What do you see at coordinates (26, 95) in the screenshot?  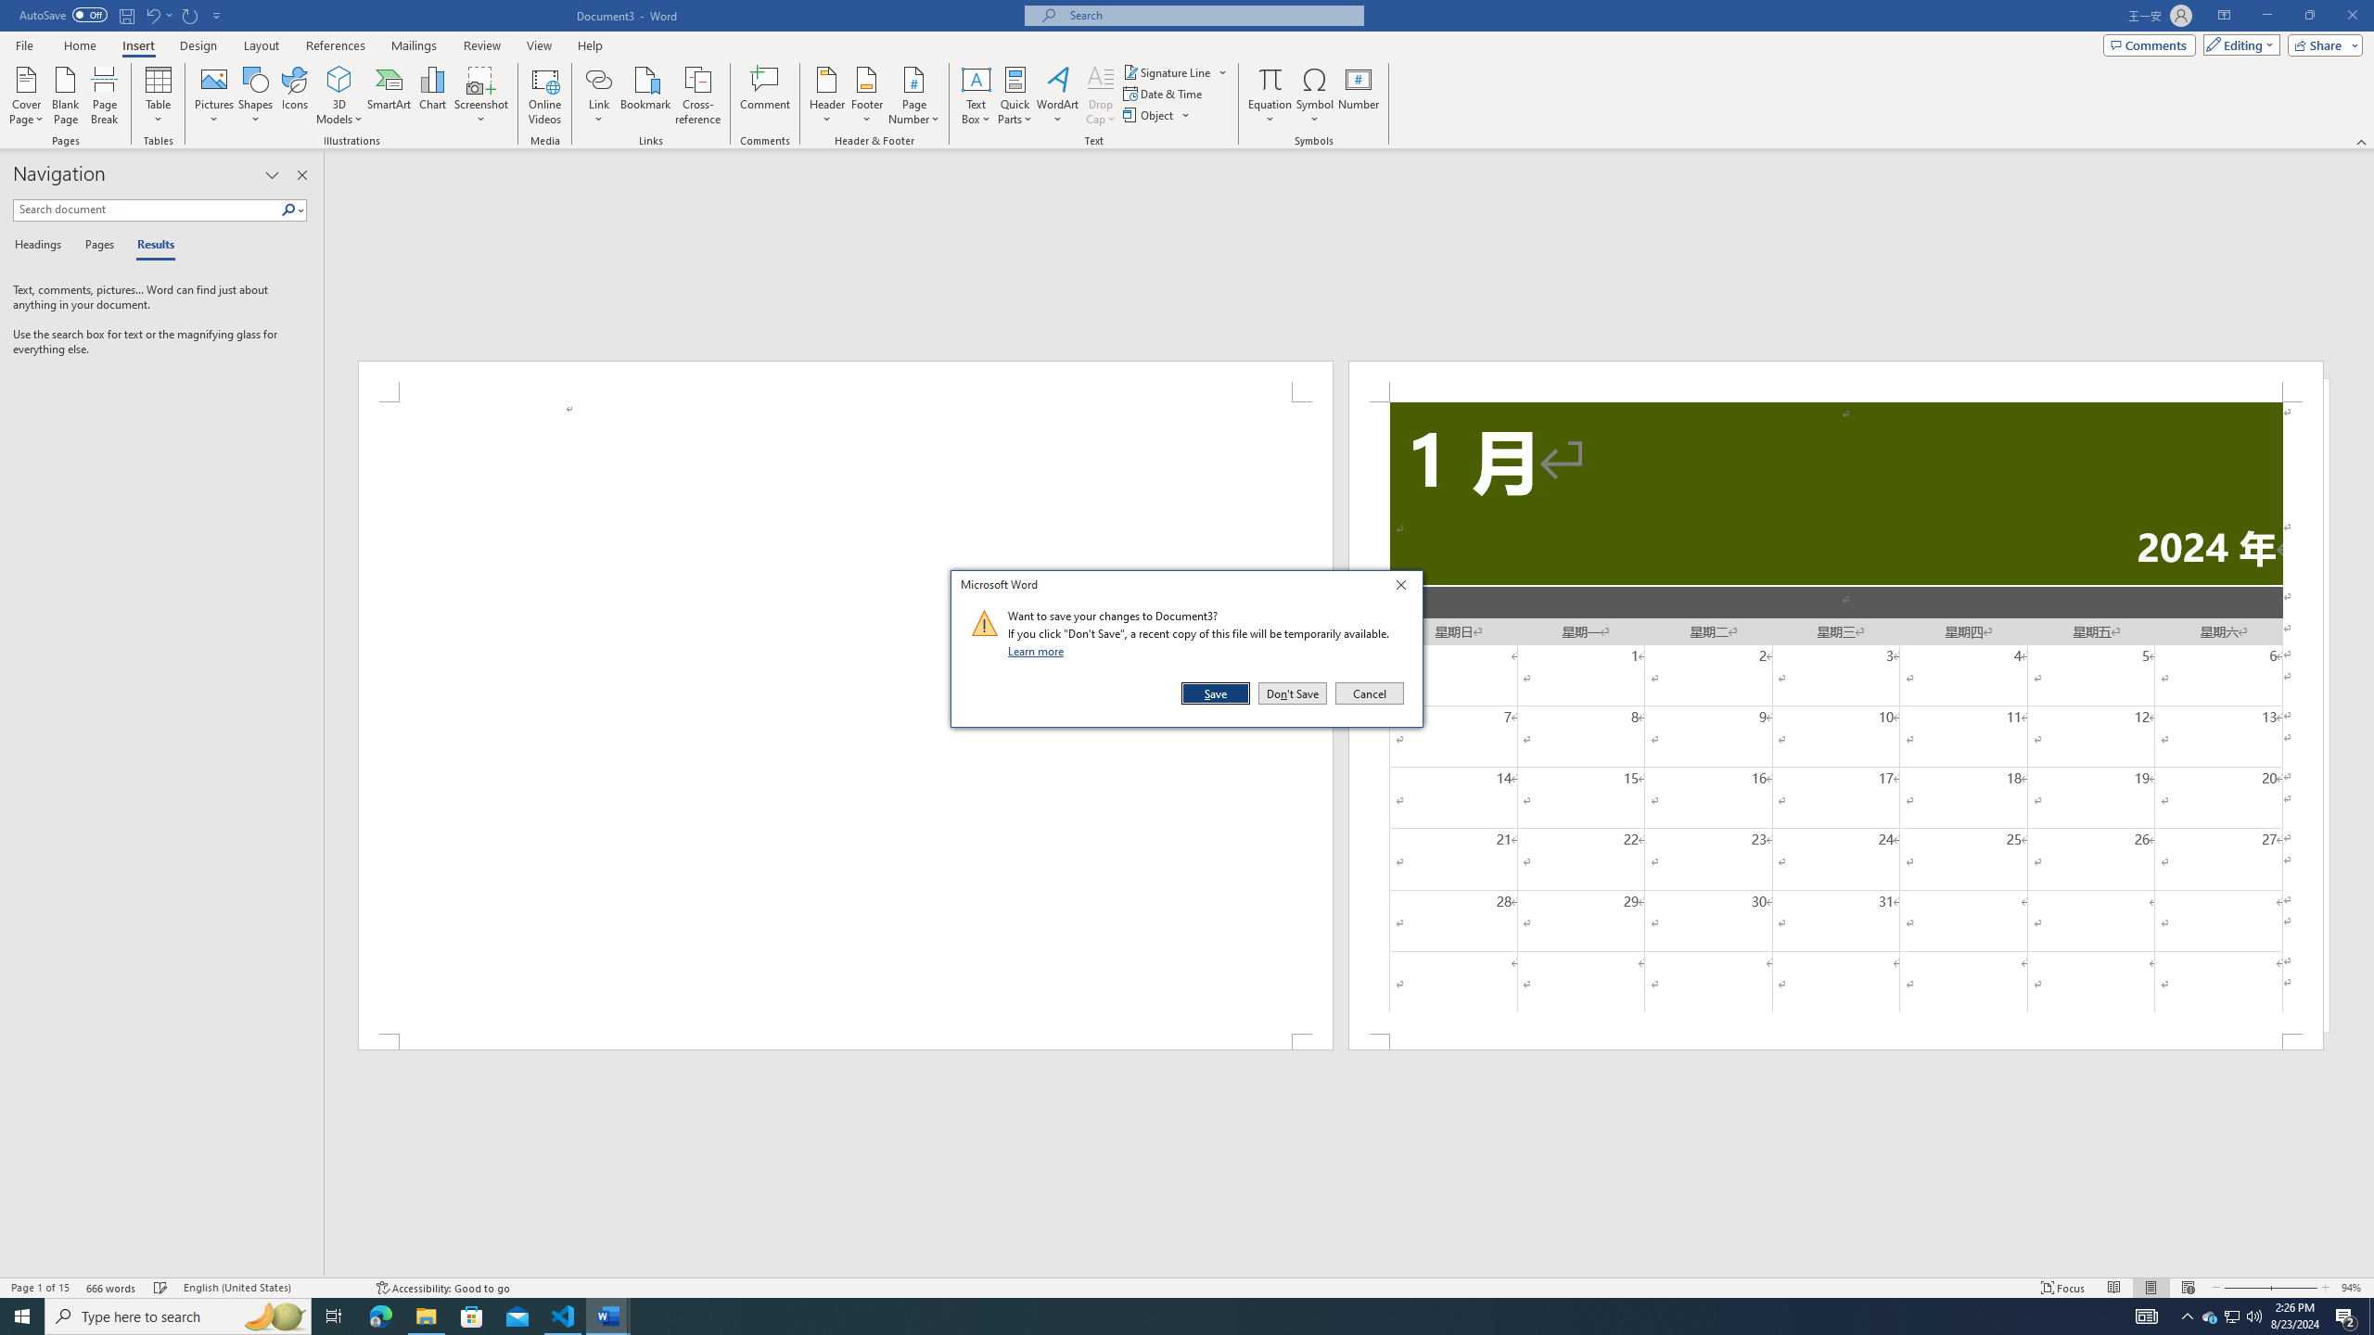 I see `'Cover Page'` at bounding box center [26, 95].